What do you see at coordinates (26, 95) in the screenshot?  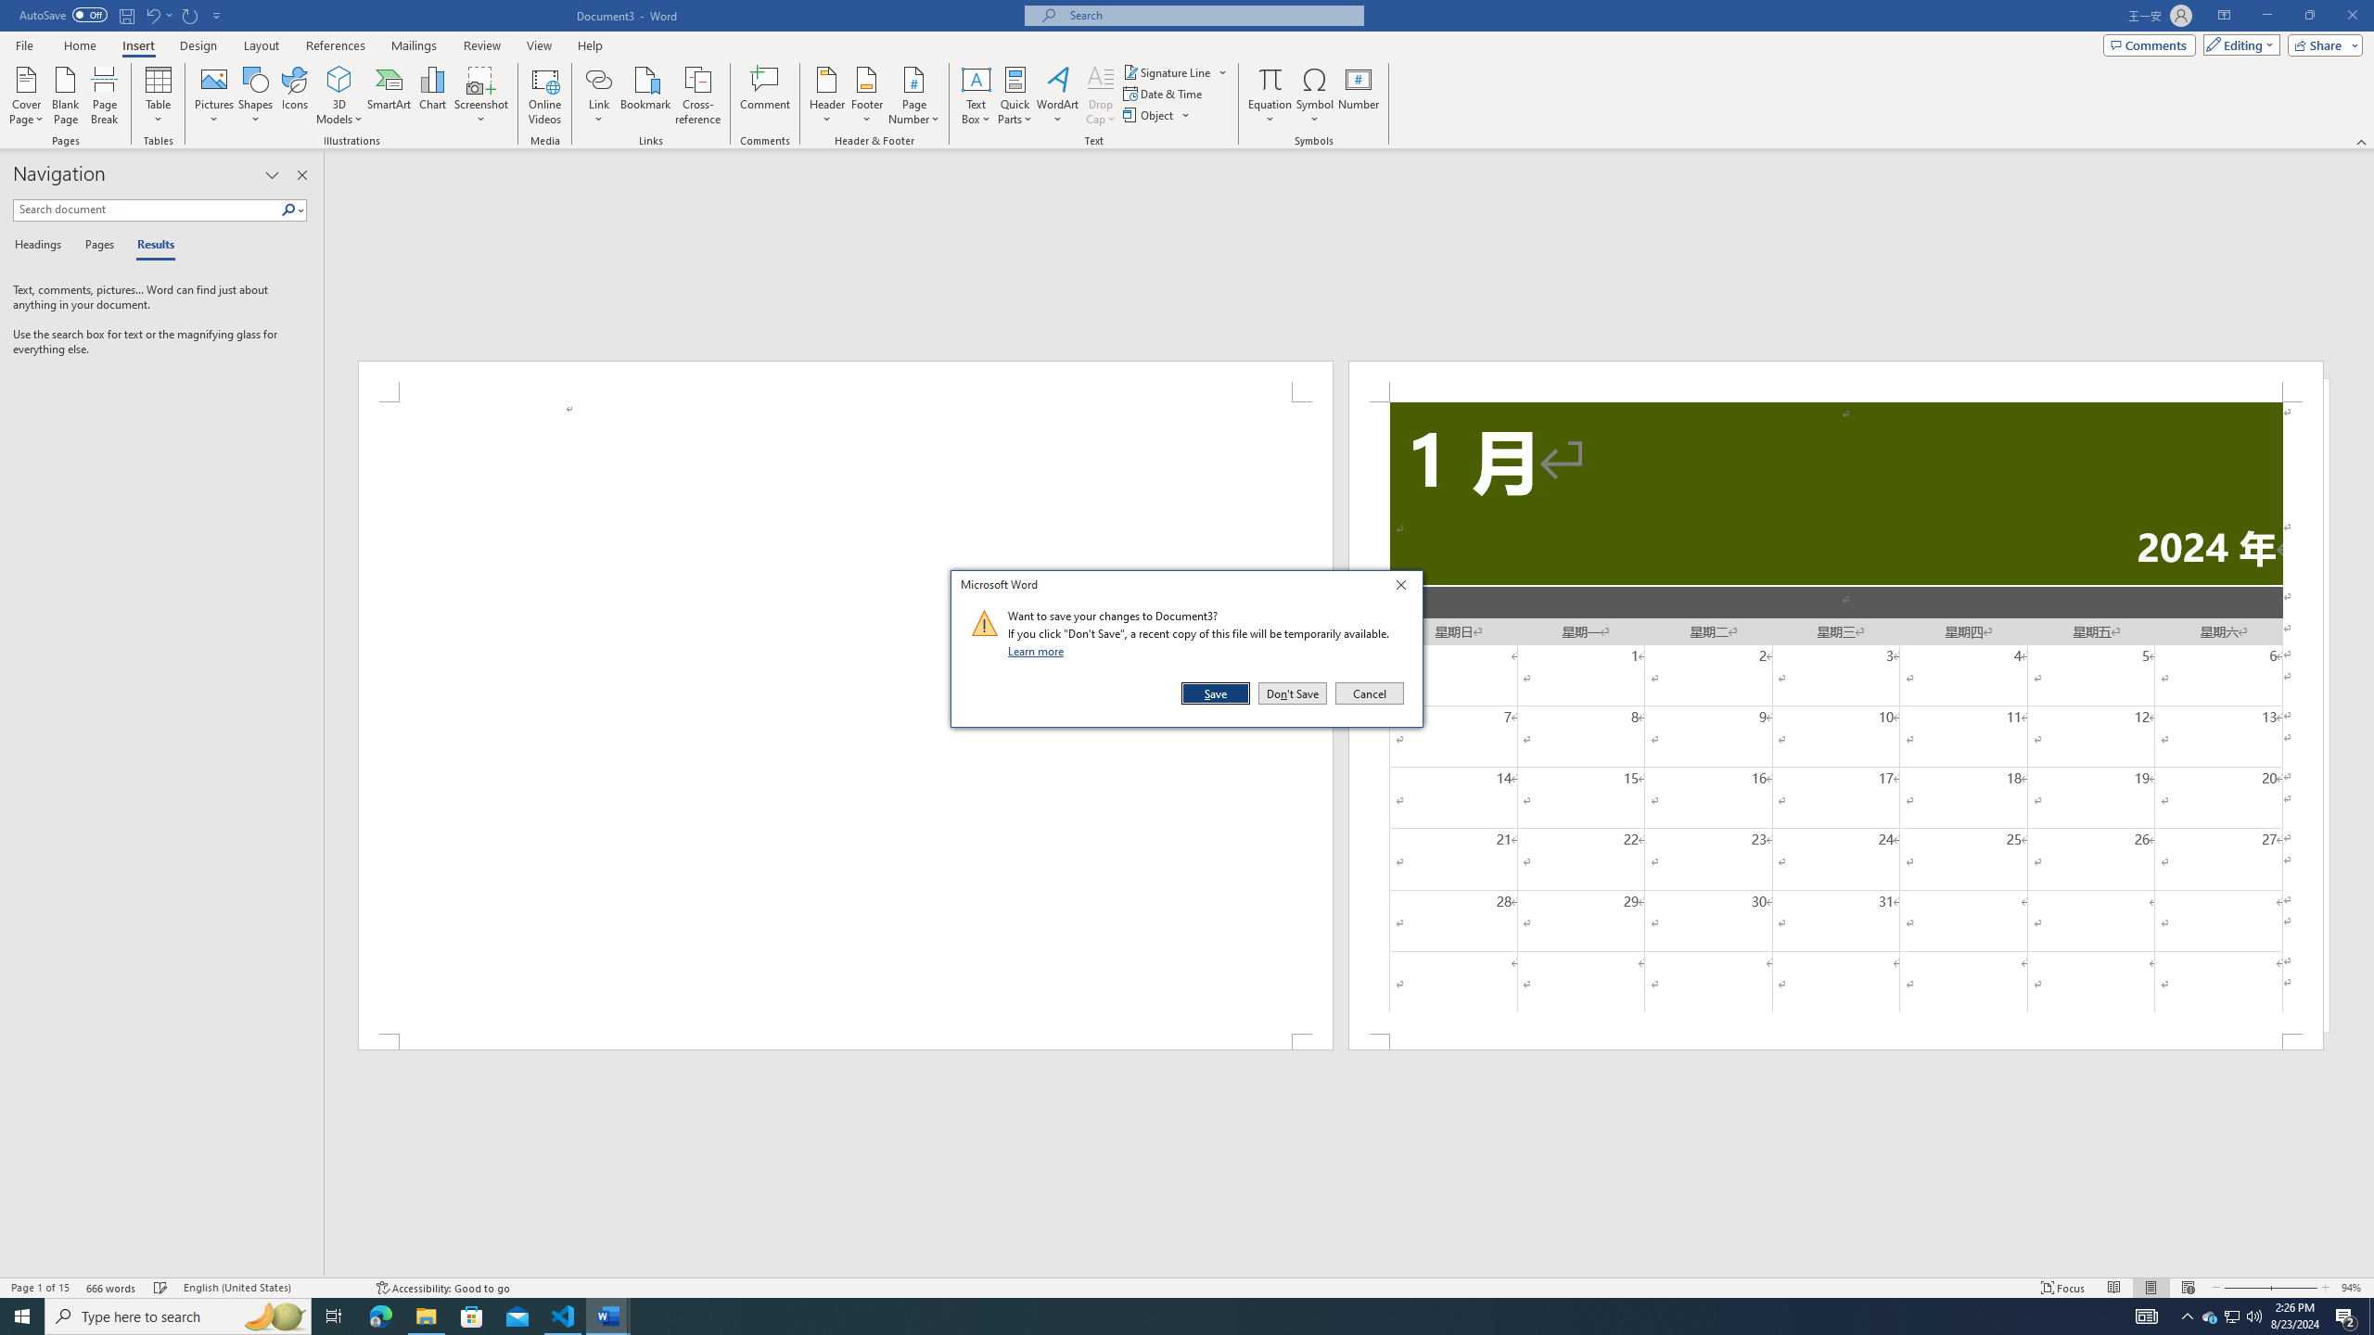 I see `'Cover Page'` at bounding box center [26, 95].